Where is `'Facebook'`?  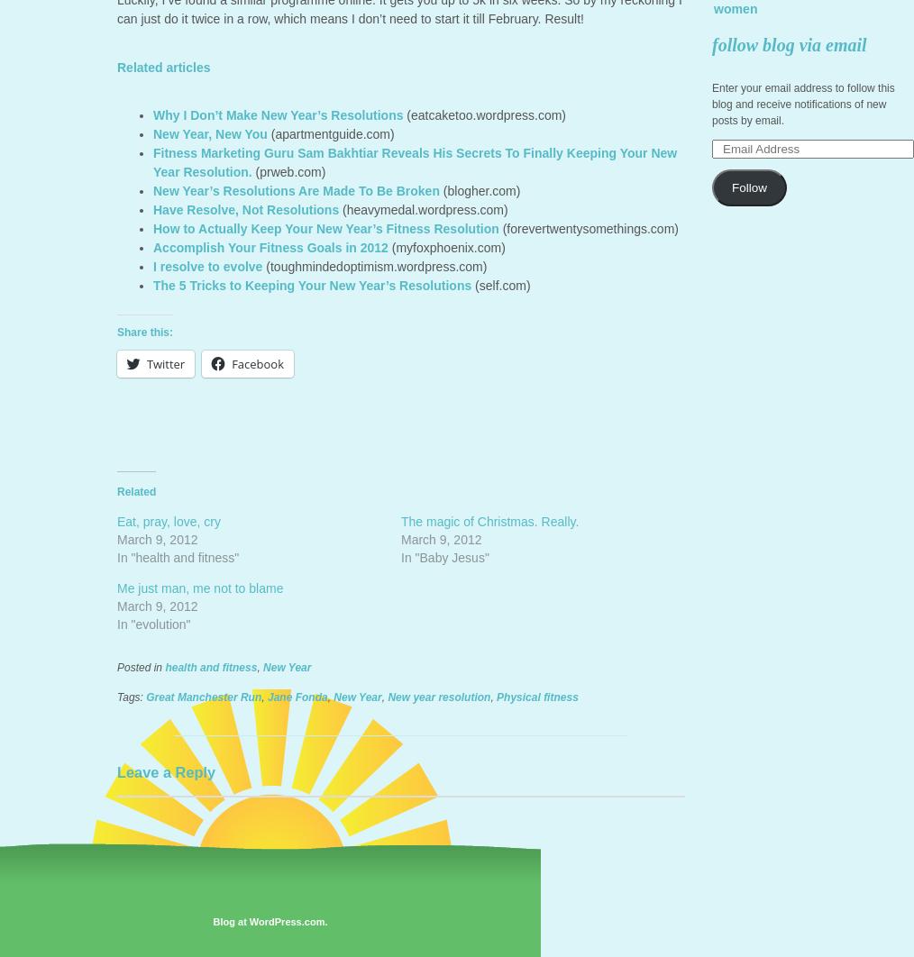
'Facebook' is located at coordinates (258, 362).